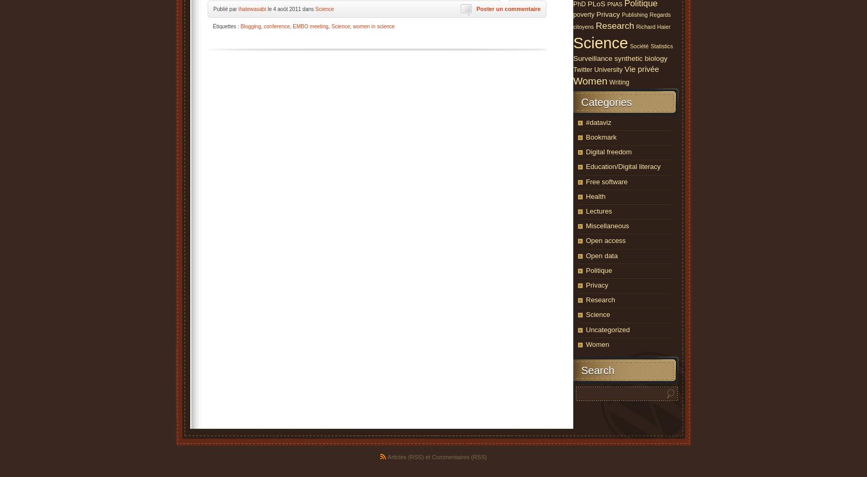 This screenshot has width=867, height=477. What do you see at coordinates (592, 58) in the screenshot?
I see `'Surveillance'` at bounding box center [592, 58].